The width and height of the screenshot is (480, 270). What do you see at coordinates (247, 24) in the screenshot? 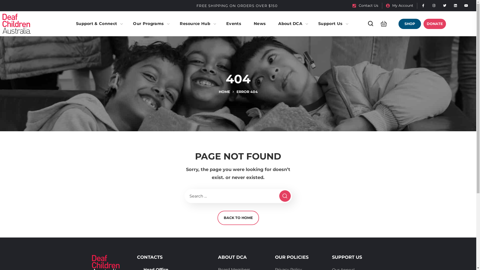
I see `'News'` at bounding box center [247, 24].